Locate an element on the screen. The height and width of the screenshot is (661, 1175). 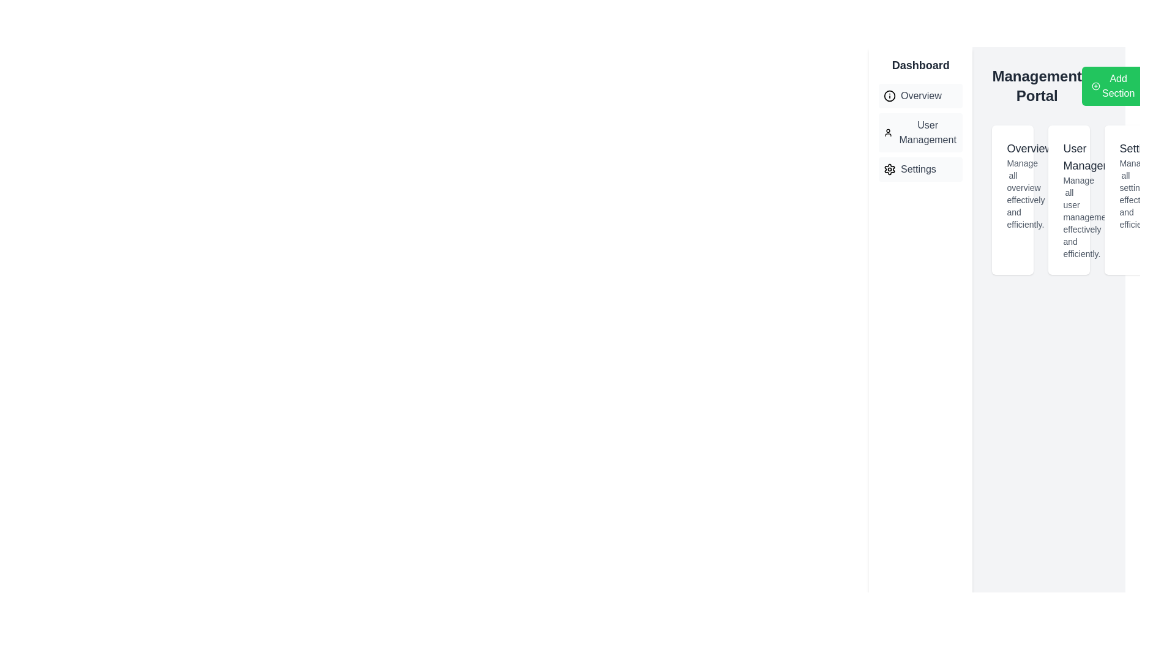
the text label displaying 'Manage all settings effectively and efficiently.' located under the 'Settings' heading within the card layout is located at coordinates (1125, 193).